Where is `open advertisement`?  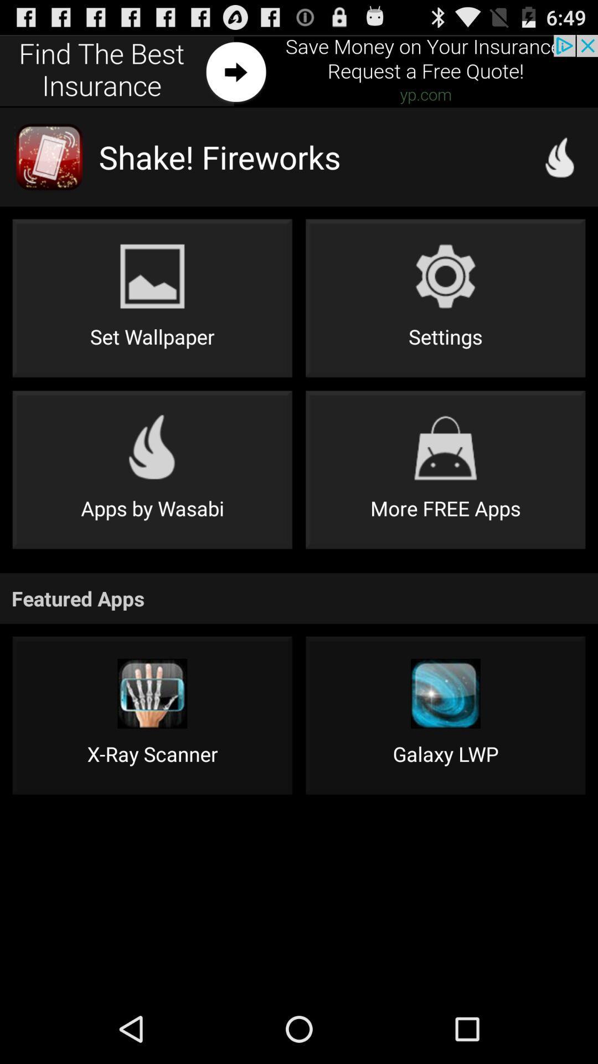 open advertisement is located at coordinates (299, 70).